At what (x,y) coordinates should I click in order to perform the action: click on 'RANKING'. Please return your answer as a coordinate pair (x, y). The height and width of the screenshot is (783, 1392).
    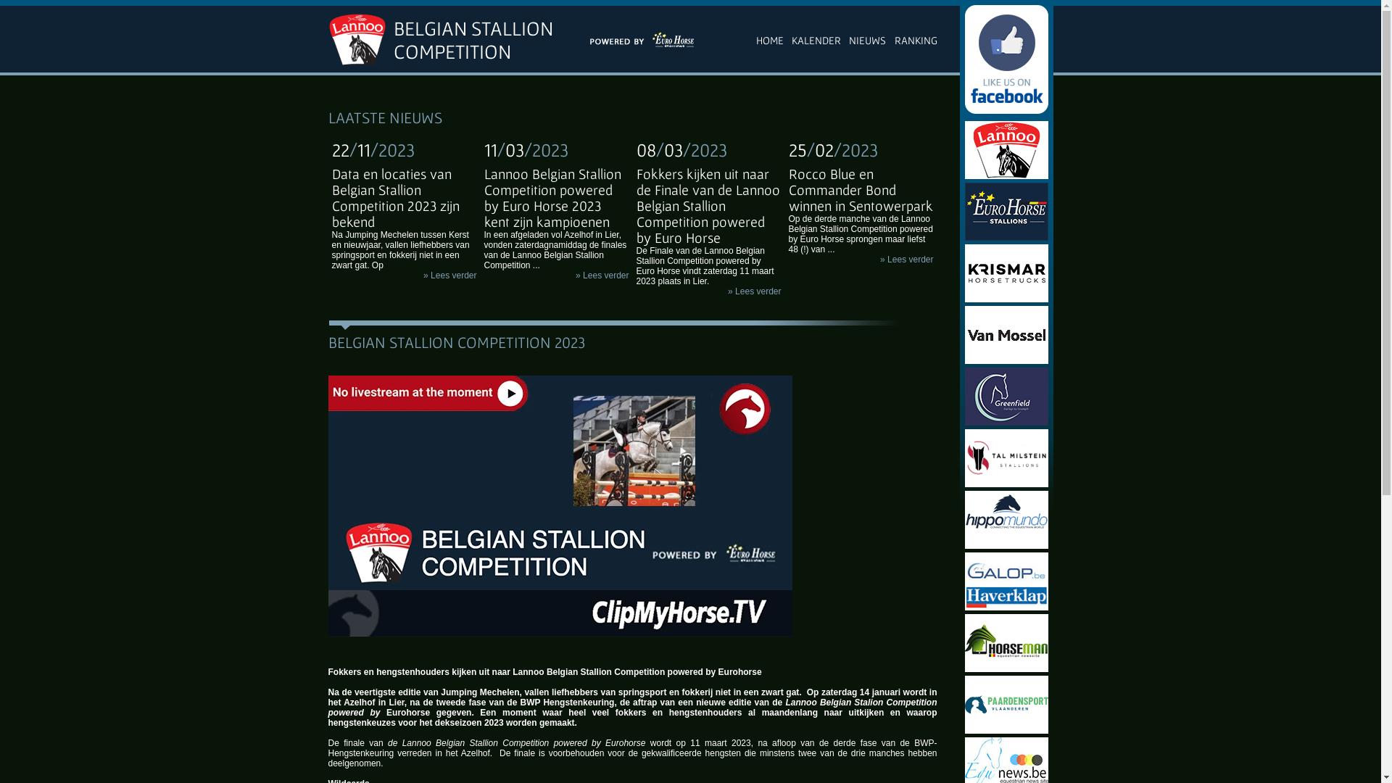
    Looking at the image, I should click on (915, 38).